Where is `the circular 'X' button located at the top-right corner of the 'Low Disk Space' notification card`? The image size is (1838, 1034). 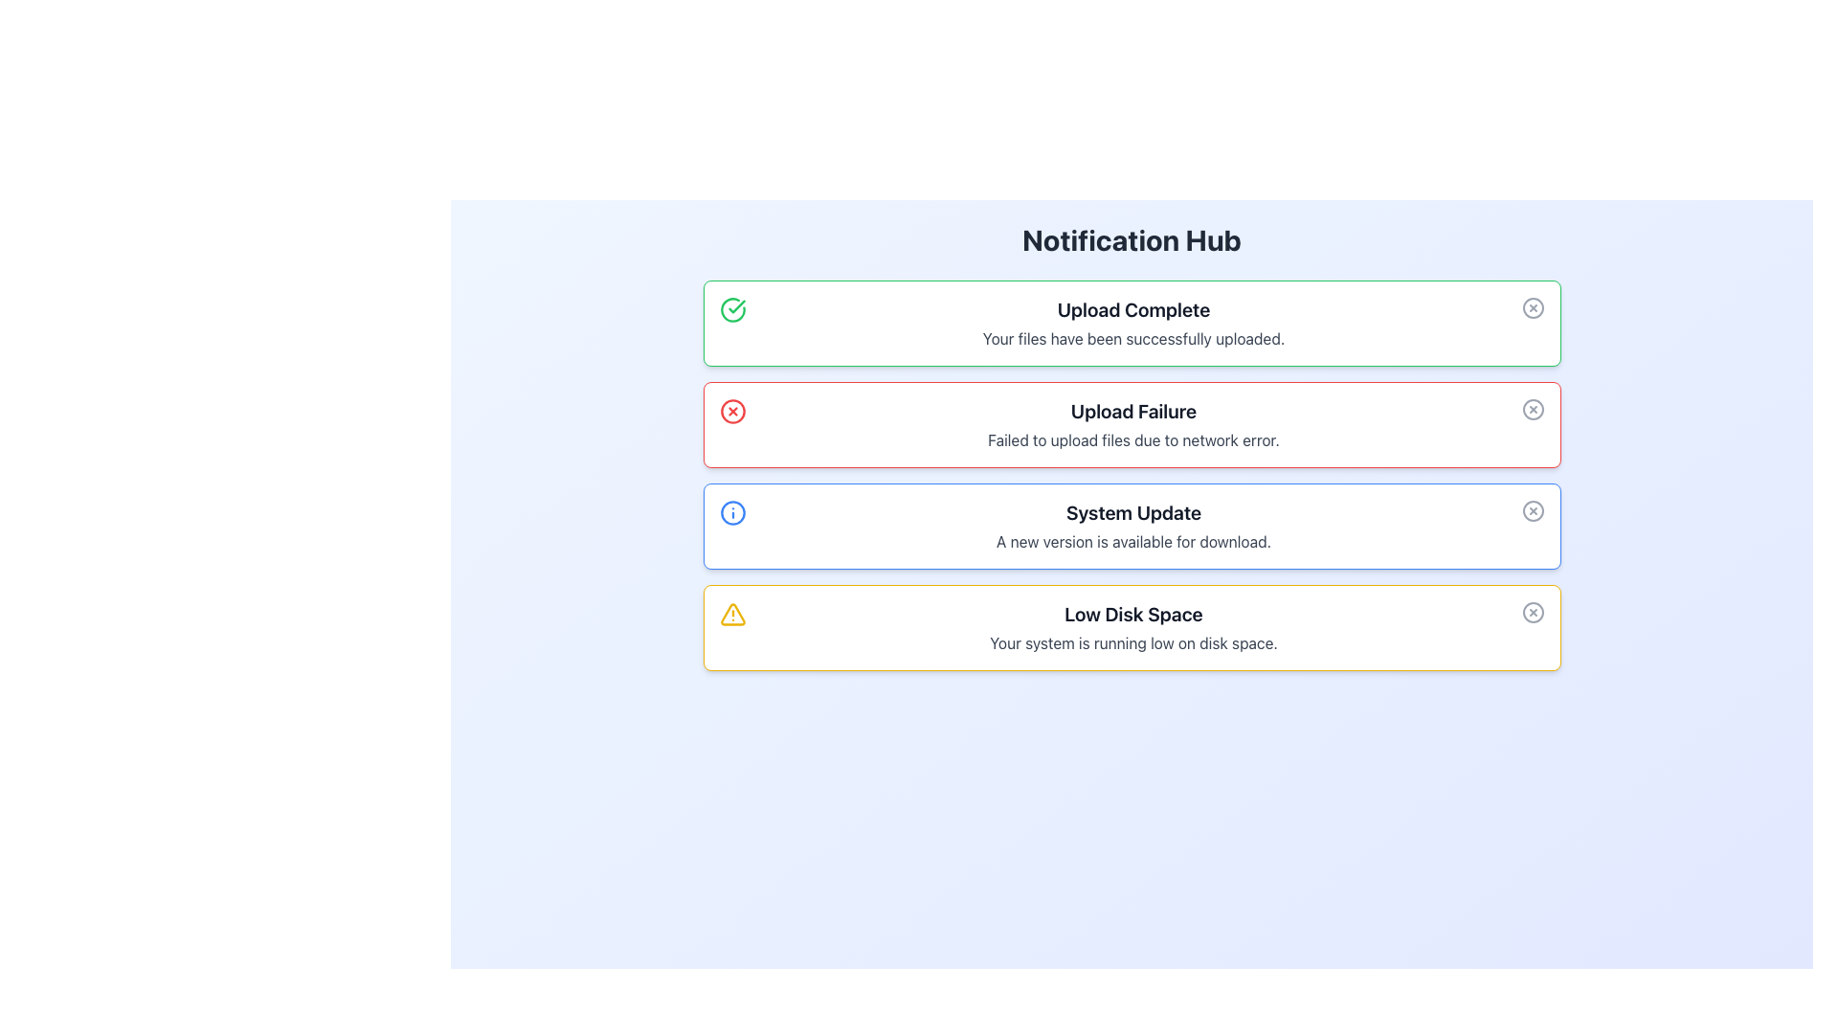 the circular 'X' button located at the top-right corner of the 'Low Disk Space' notification card is located at coordinates (1533, 613).